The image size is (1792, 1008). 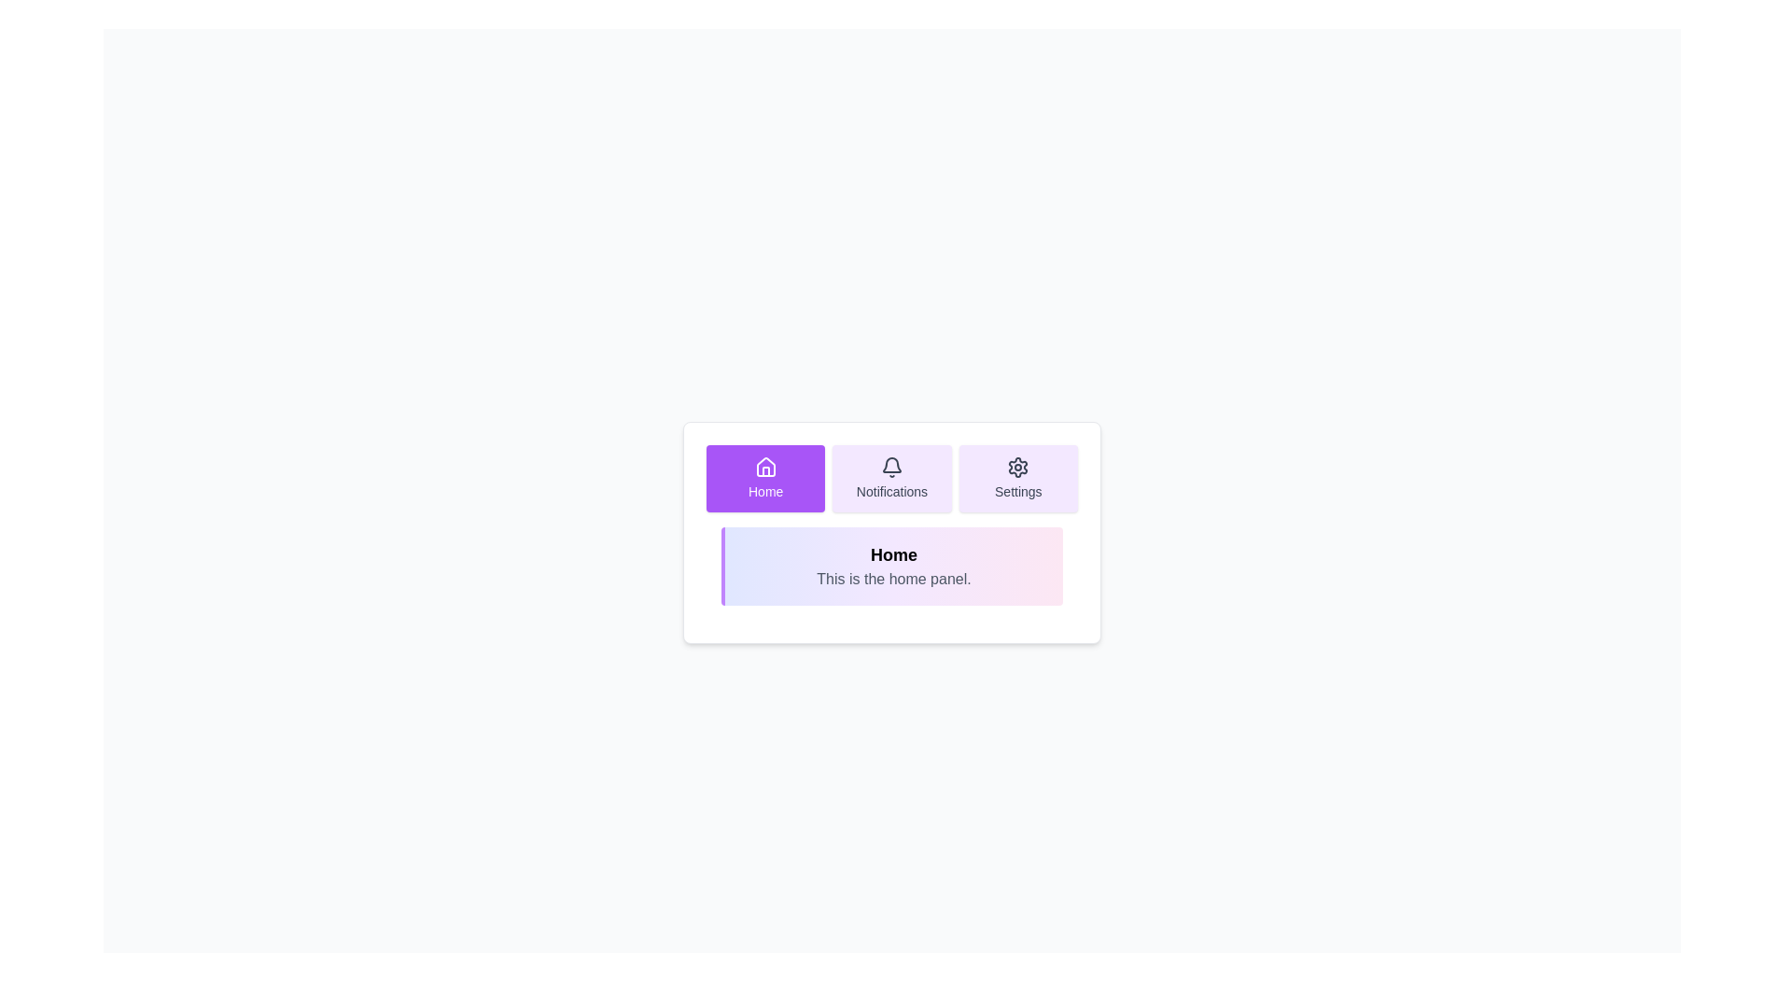 I want to click on the second tile in the horizontal grid, so click(x=890, y=478).